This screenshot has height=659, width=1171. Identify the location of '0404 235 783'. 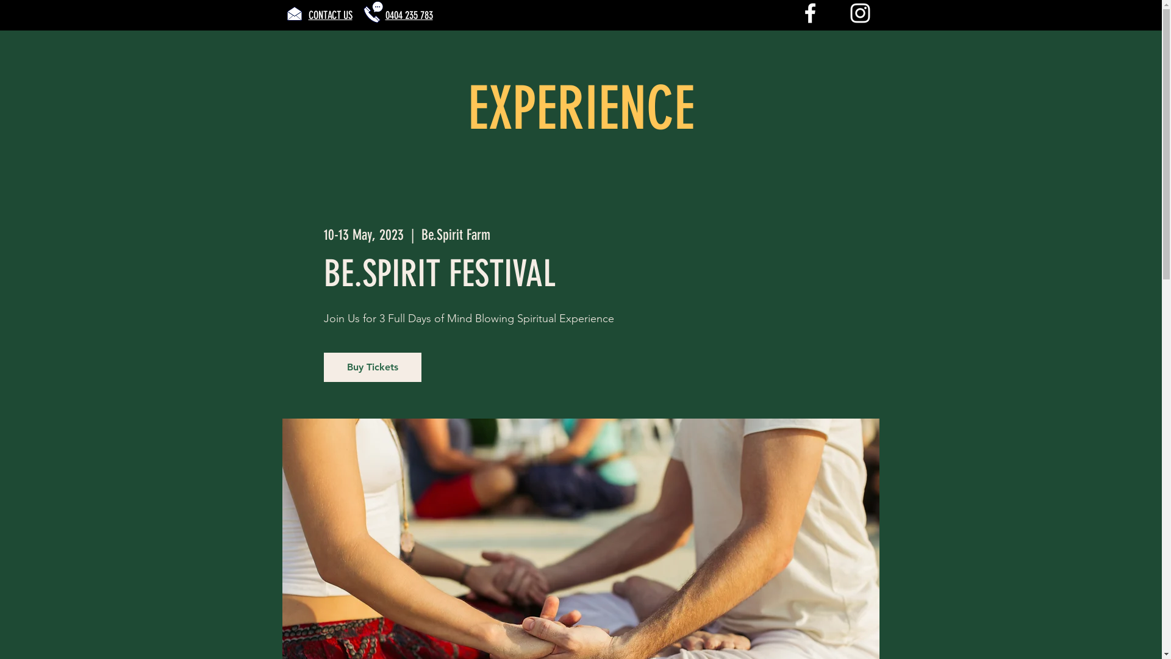
(409, 15).